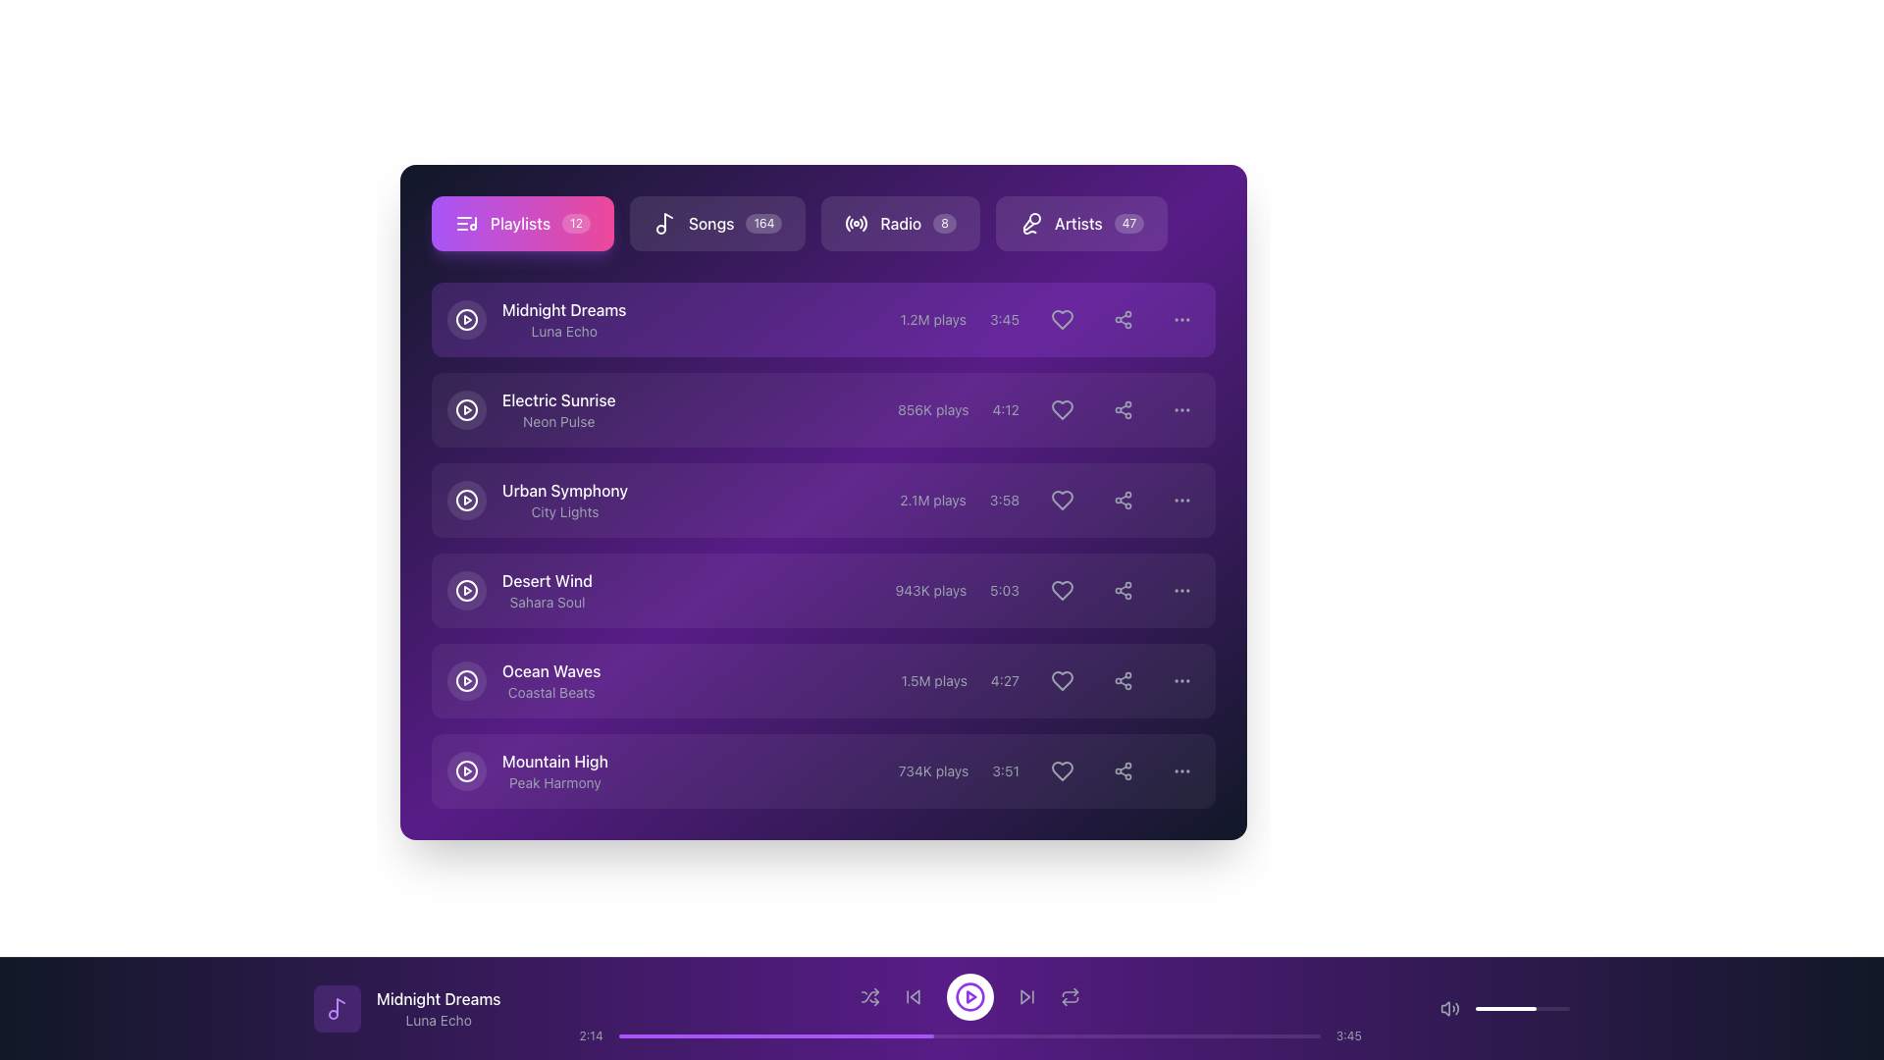 Image resolution: width=1884 pixels, height=1060 pixels. Describe the element at coordinates (465, 770) in the screenshot. I see `the circular play button icon for the 'Mountain High' song in the playlist` at that location.